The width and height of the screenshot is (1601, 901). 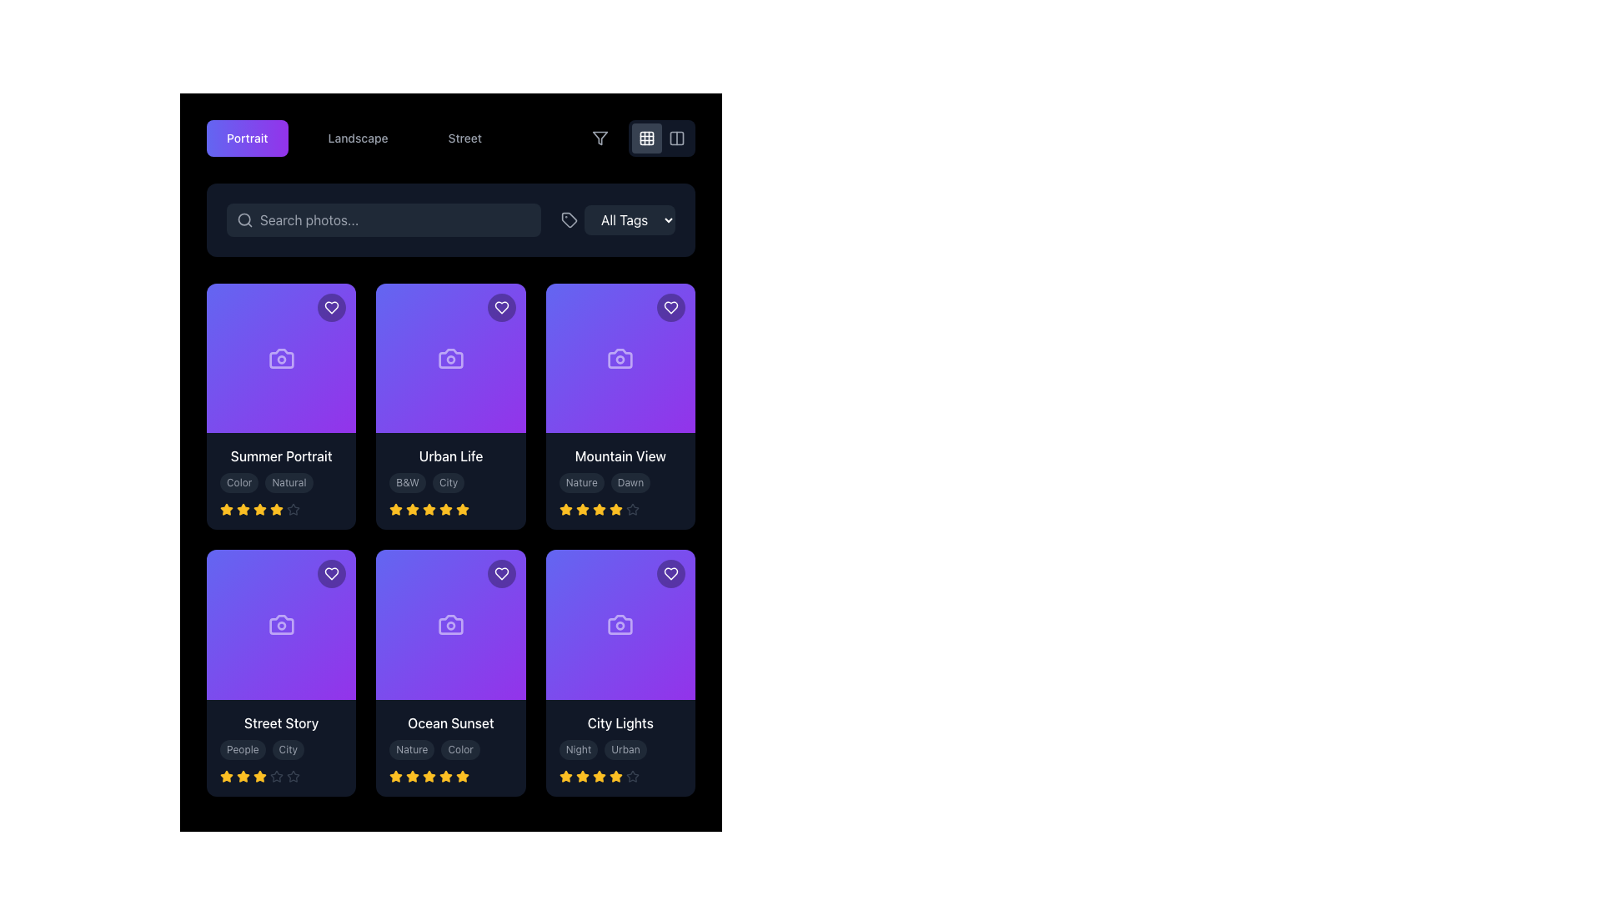 What do you see at coordinates (620, 624) in the screenshot?
I see `the Image Placeholder located at the top section of the card titled 'City Lights', positioned in the bottom-right of the grid` at bounding box center [620, 624].